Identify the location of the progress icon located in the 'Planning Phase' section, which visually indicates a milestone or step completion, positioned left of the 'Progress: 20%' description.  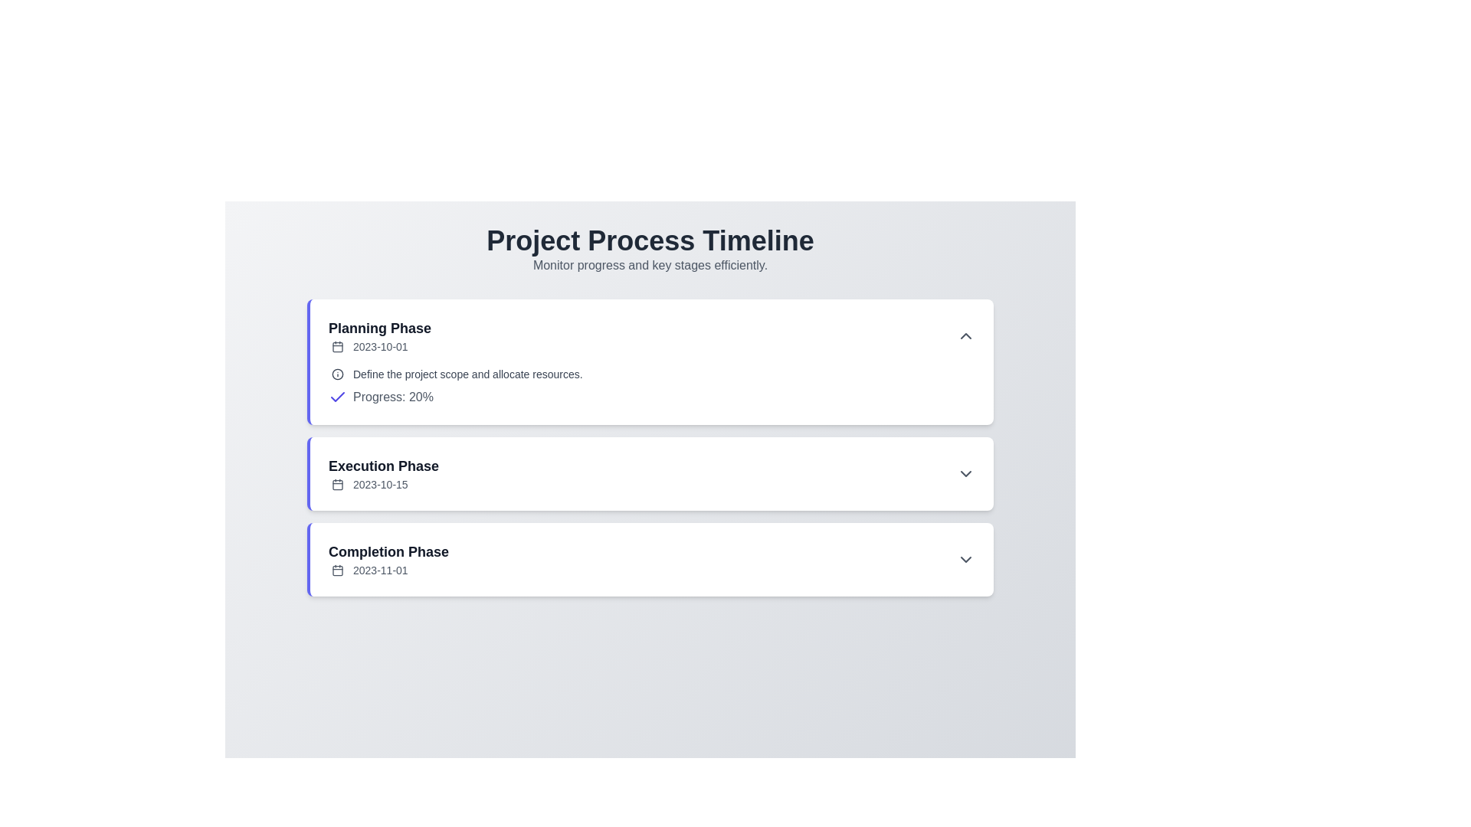
(337, 396).